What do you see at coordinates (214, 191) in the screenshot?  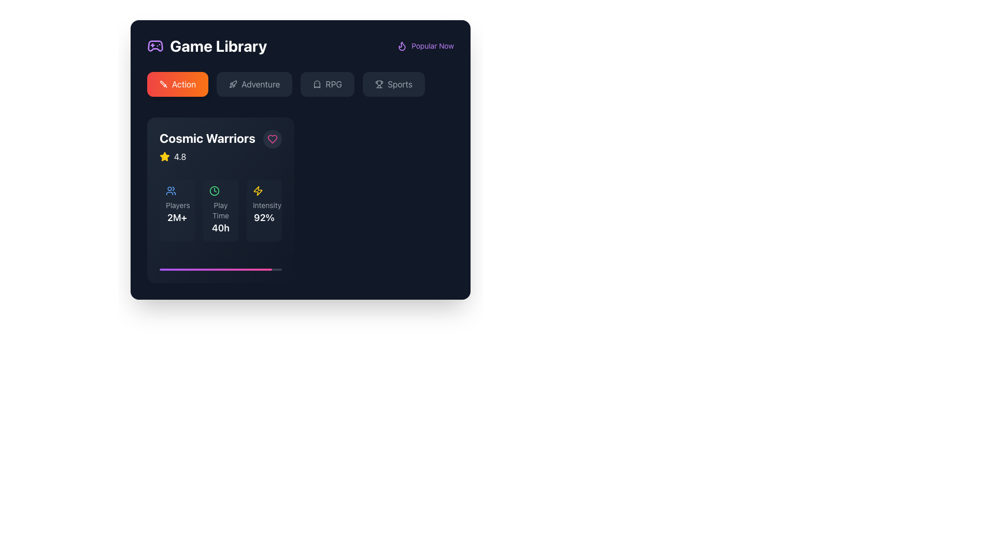 I see `the outer circular graphical icon of the clock in the 'Play Time' section of the 'Cosmic Warriors' game interface` at bounding box center [214, 191].